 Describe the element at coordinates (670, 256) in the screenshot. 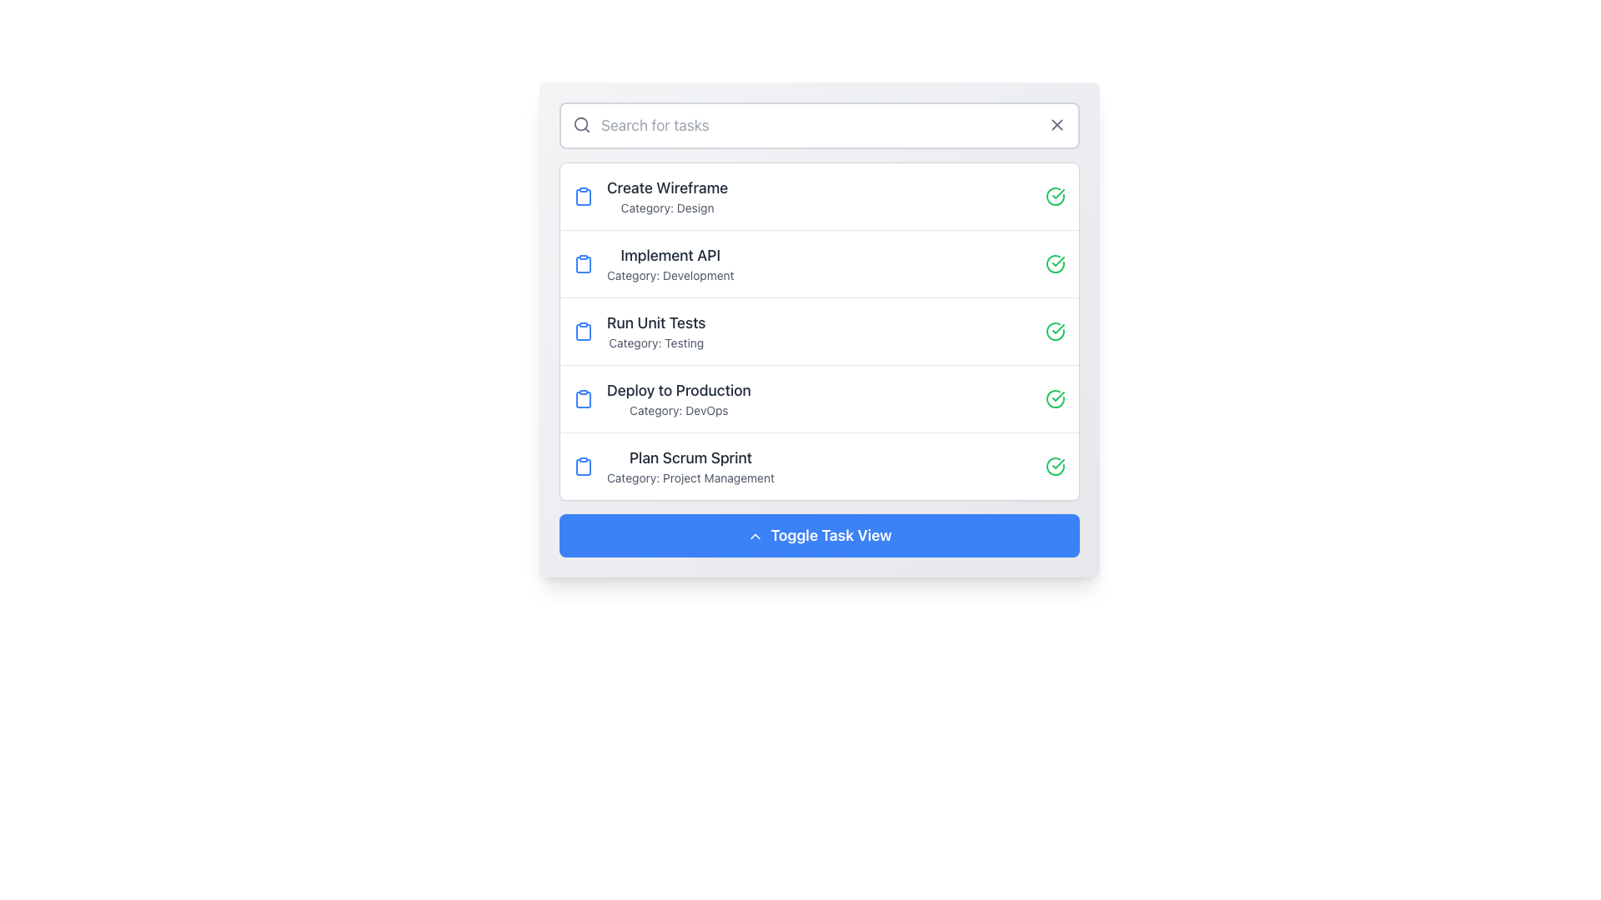

I see `the text label that serves as a title for the task or item in the task list, located between 'Create Wireframe' and 'Run Unit Tests'` at that location.